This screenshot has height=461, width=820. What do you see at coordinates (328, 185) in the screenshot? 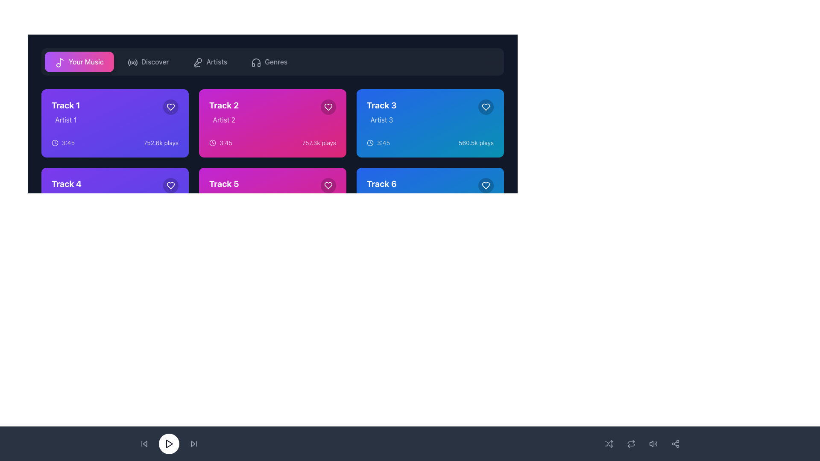
I see `the heart-shaped icon button for 'Track 5' located` at bounding box center [328, 185].